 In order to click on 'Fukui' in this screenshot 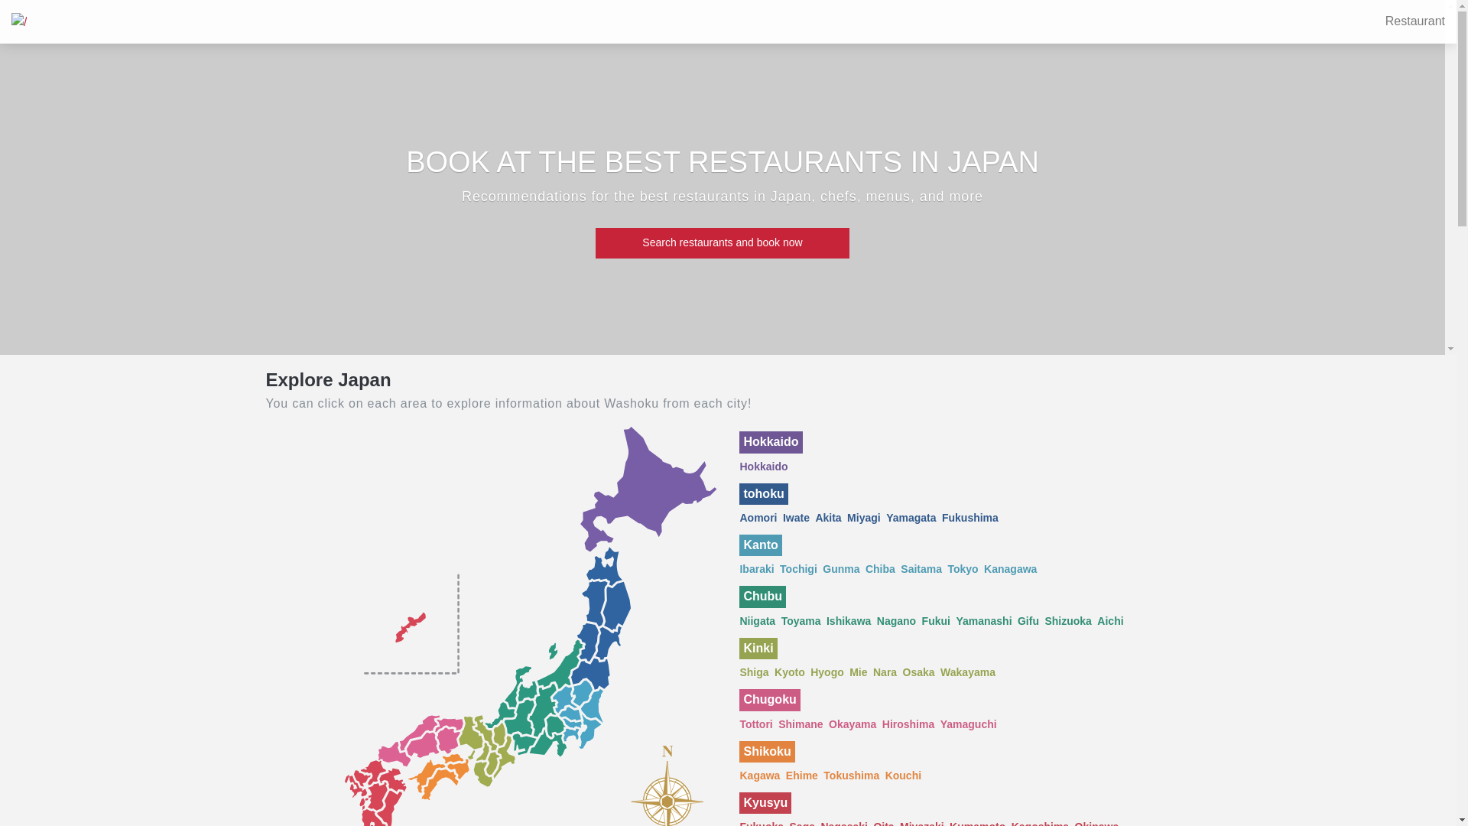, I will do `click(921, 621)`.